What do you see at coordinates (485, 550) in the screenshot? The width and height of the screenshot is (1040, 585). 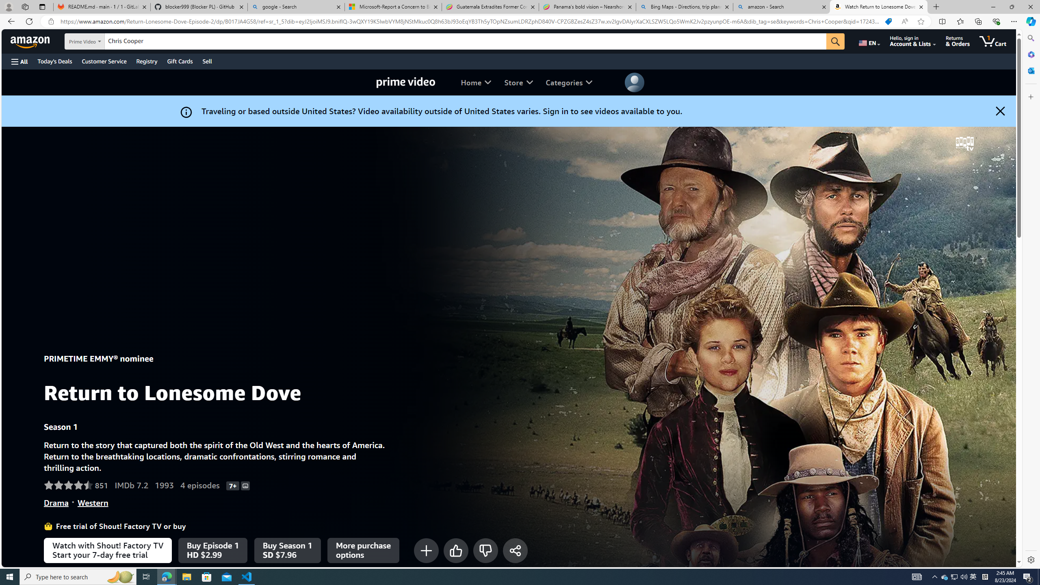 I see `'Not for me'` at bounding box center [485, 550].